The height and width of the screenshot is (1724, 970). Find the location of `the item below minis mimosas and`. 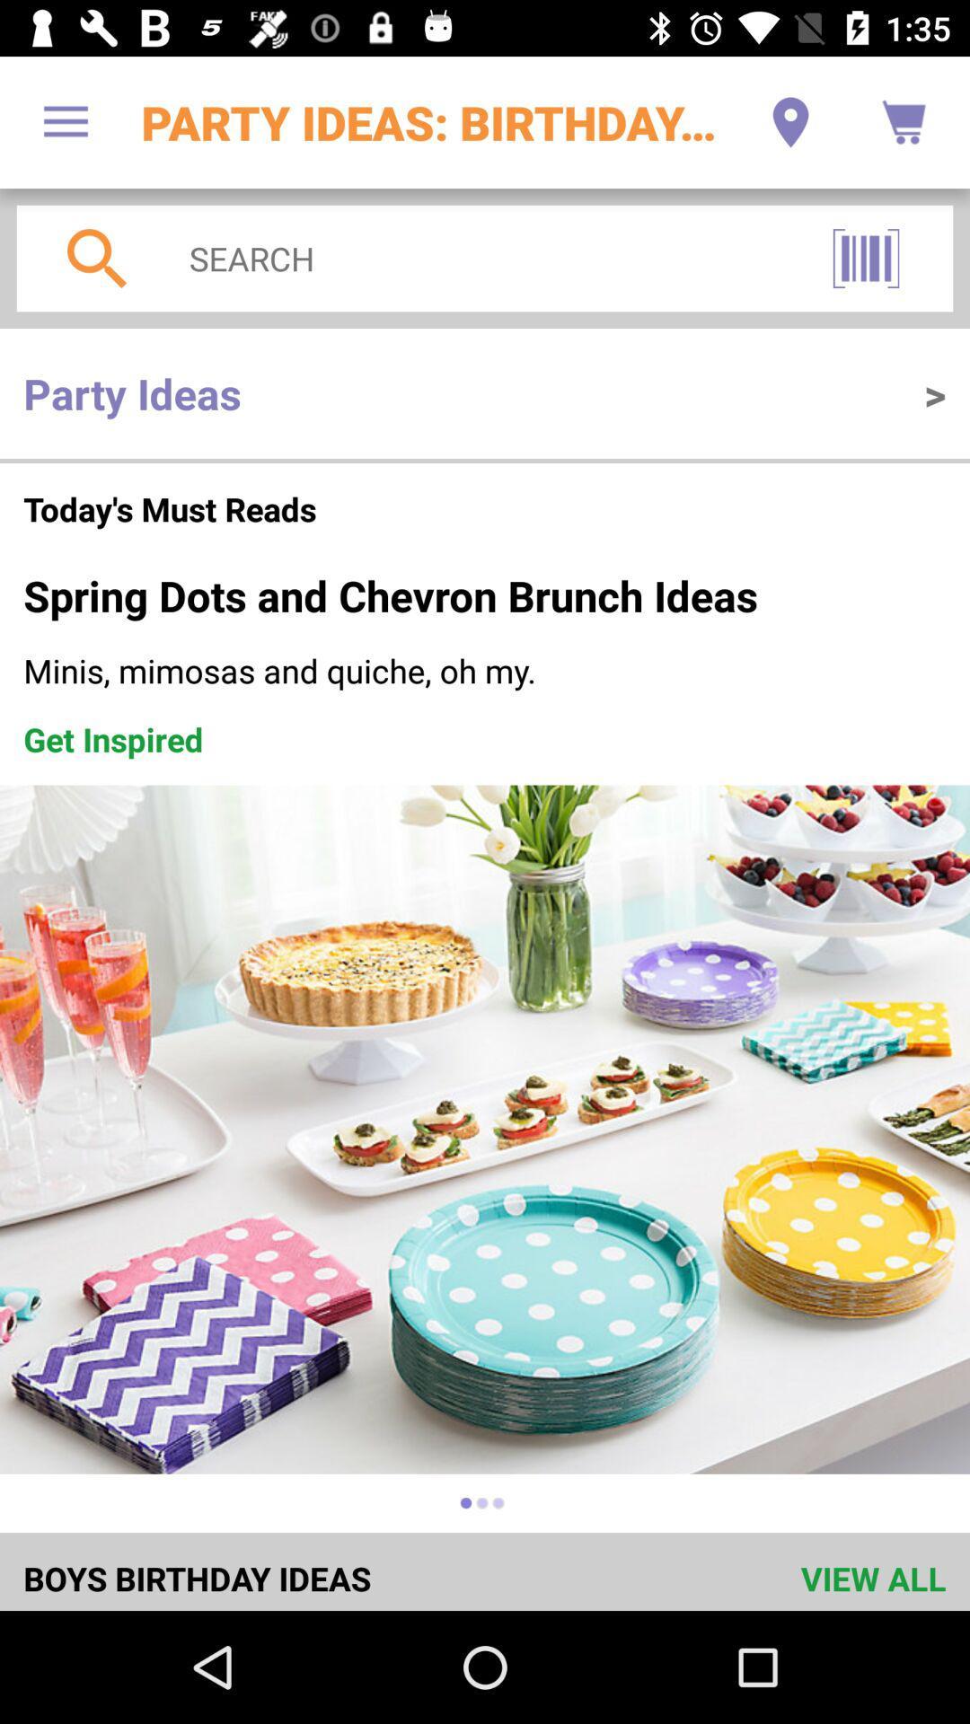

the item below minis mimosas and is located at coordinates (113, 739).